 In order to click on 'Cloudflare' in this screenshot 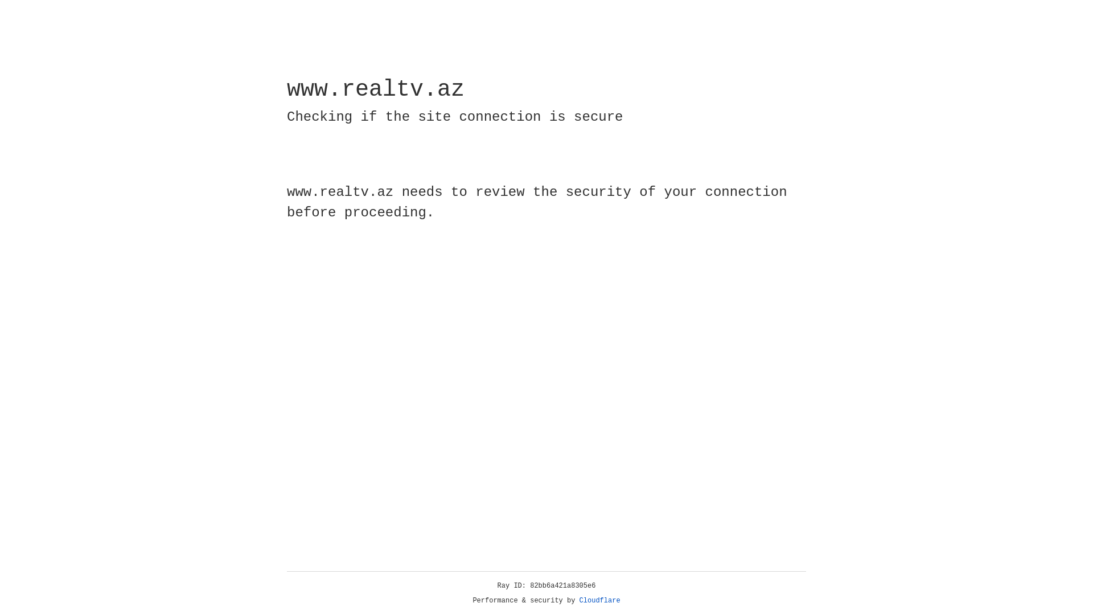, I will do `click(599, 600)`.